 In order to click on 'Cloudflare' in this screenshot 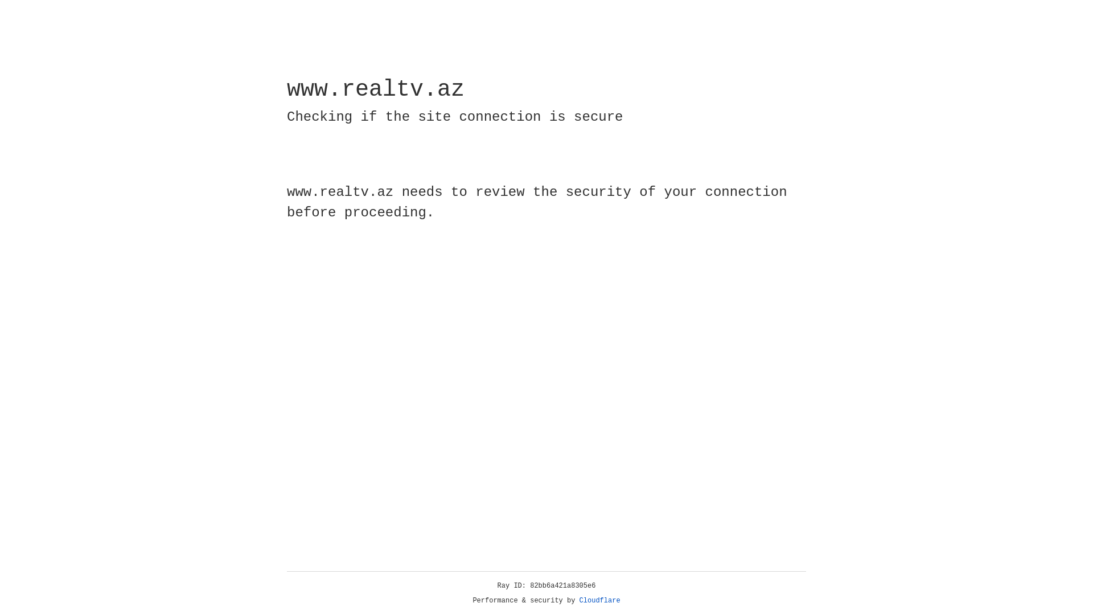, I will do `click(599, 600)`.